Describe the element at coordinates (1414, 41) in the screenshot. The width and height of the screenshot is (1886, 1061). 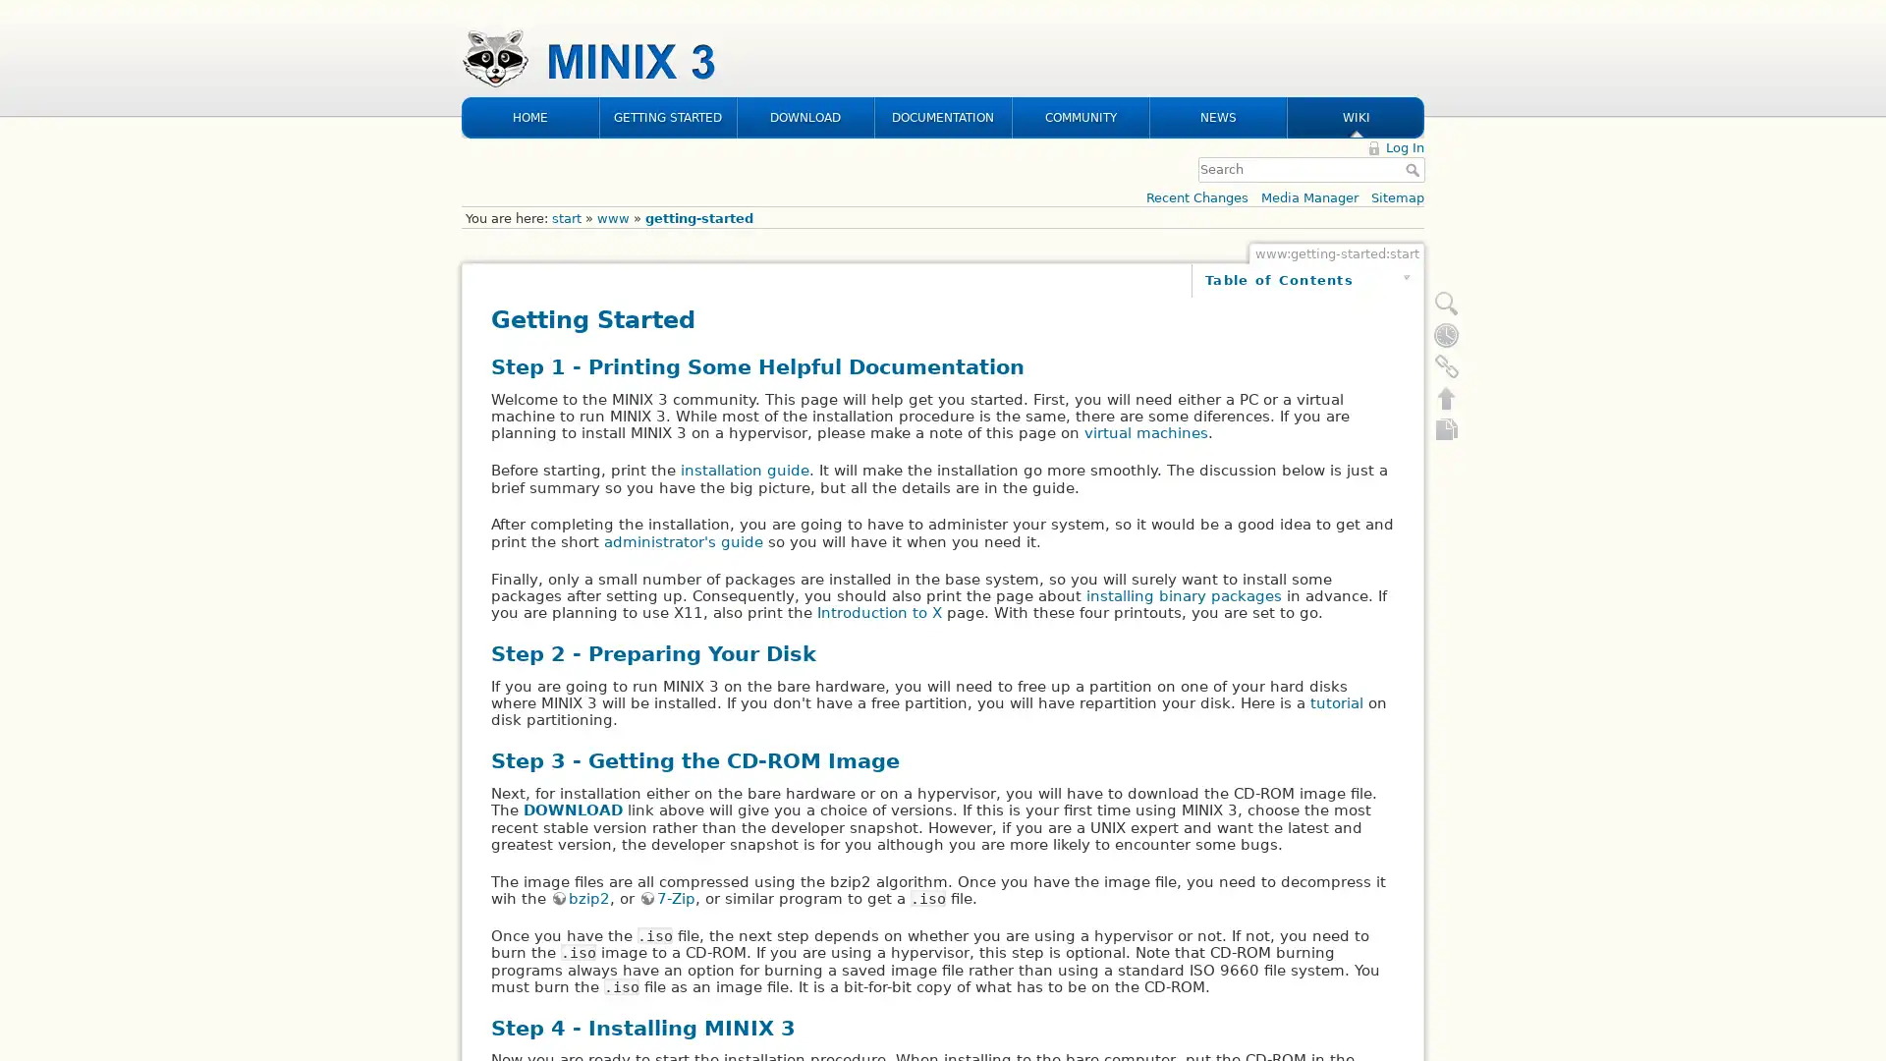
I see `Search` at that location.